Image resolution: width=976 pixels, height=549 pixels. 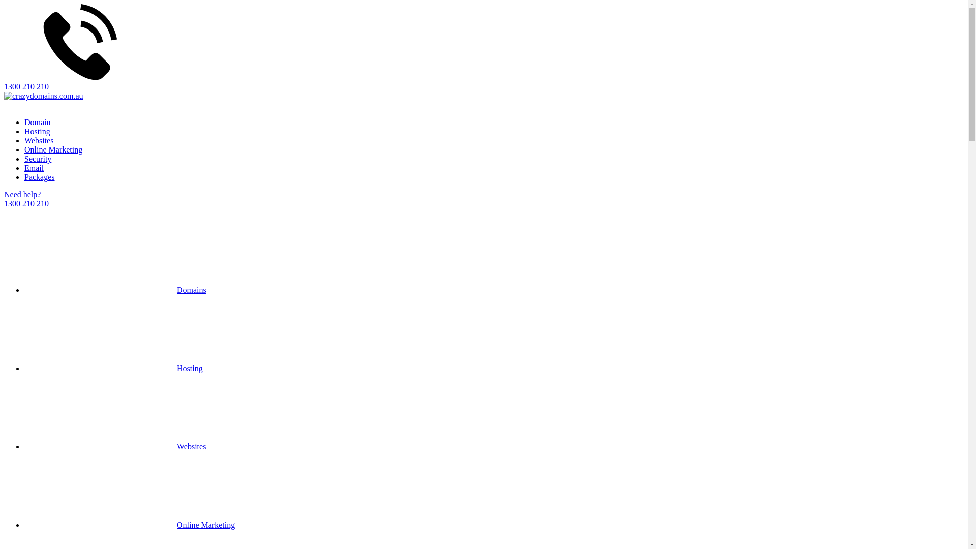 What do you see at coordinates (24, 121) in the screenshot?
I see `'Domain'` at bounding box center [24, 121].